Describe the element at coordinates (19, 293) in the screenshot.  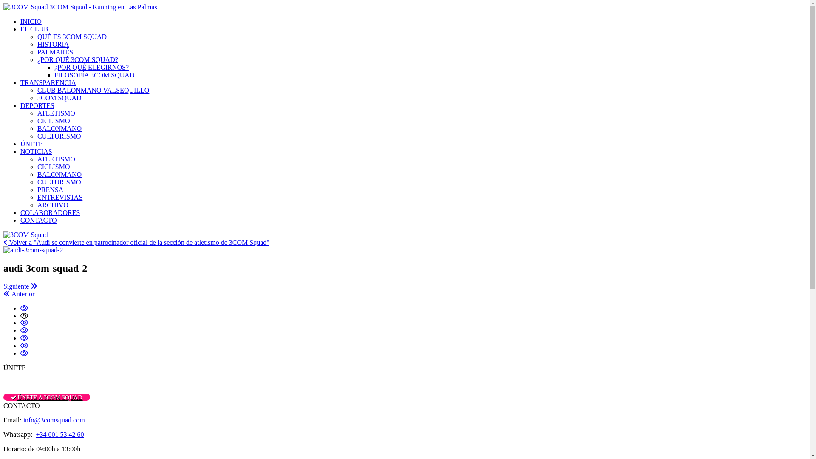
I see `'Anterior'` at that location.